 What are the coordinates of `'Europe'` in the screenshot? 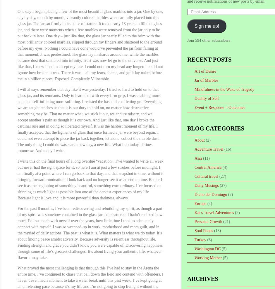 It's located at (194, 203).